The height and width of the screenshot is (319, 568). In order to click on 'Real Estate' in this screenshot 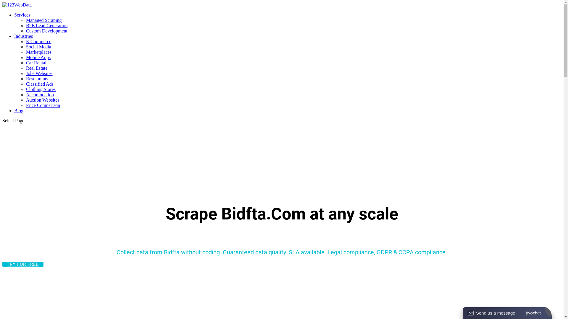, I will do `click(36, 68)`.